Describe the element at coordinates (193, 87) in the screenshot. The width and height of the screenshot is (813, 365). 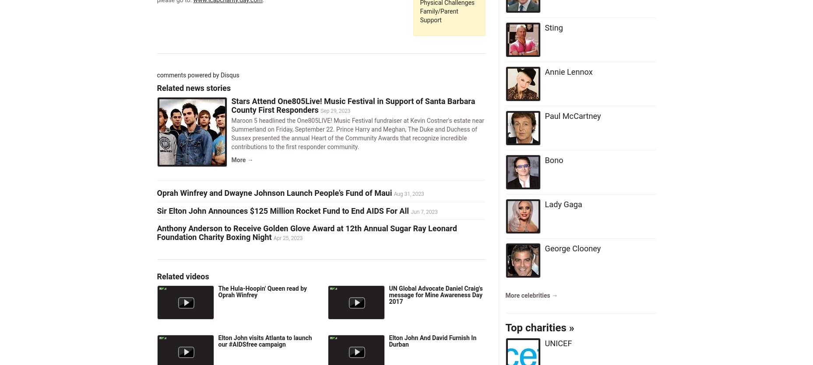
I see `'Related news stories'` at that location.